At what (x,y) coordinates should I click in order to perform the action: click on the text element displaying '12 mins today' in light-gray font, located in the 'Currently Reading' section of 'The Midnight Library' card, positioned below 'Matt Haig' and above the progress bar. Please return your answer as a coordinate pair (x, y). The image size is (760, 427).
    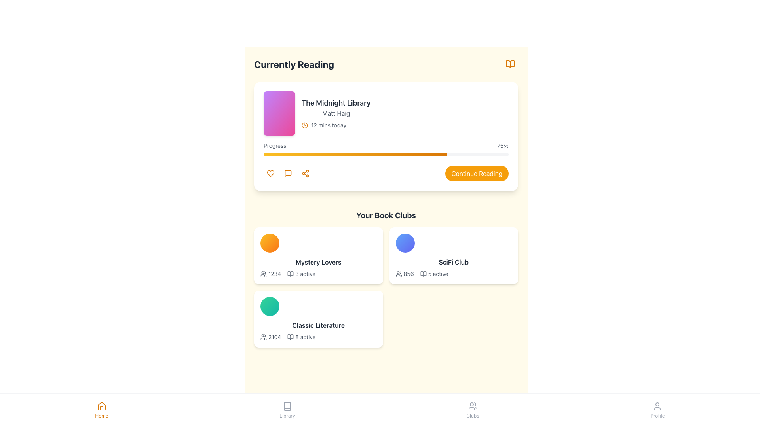
    Looking at the image, I should click on (329, 125).